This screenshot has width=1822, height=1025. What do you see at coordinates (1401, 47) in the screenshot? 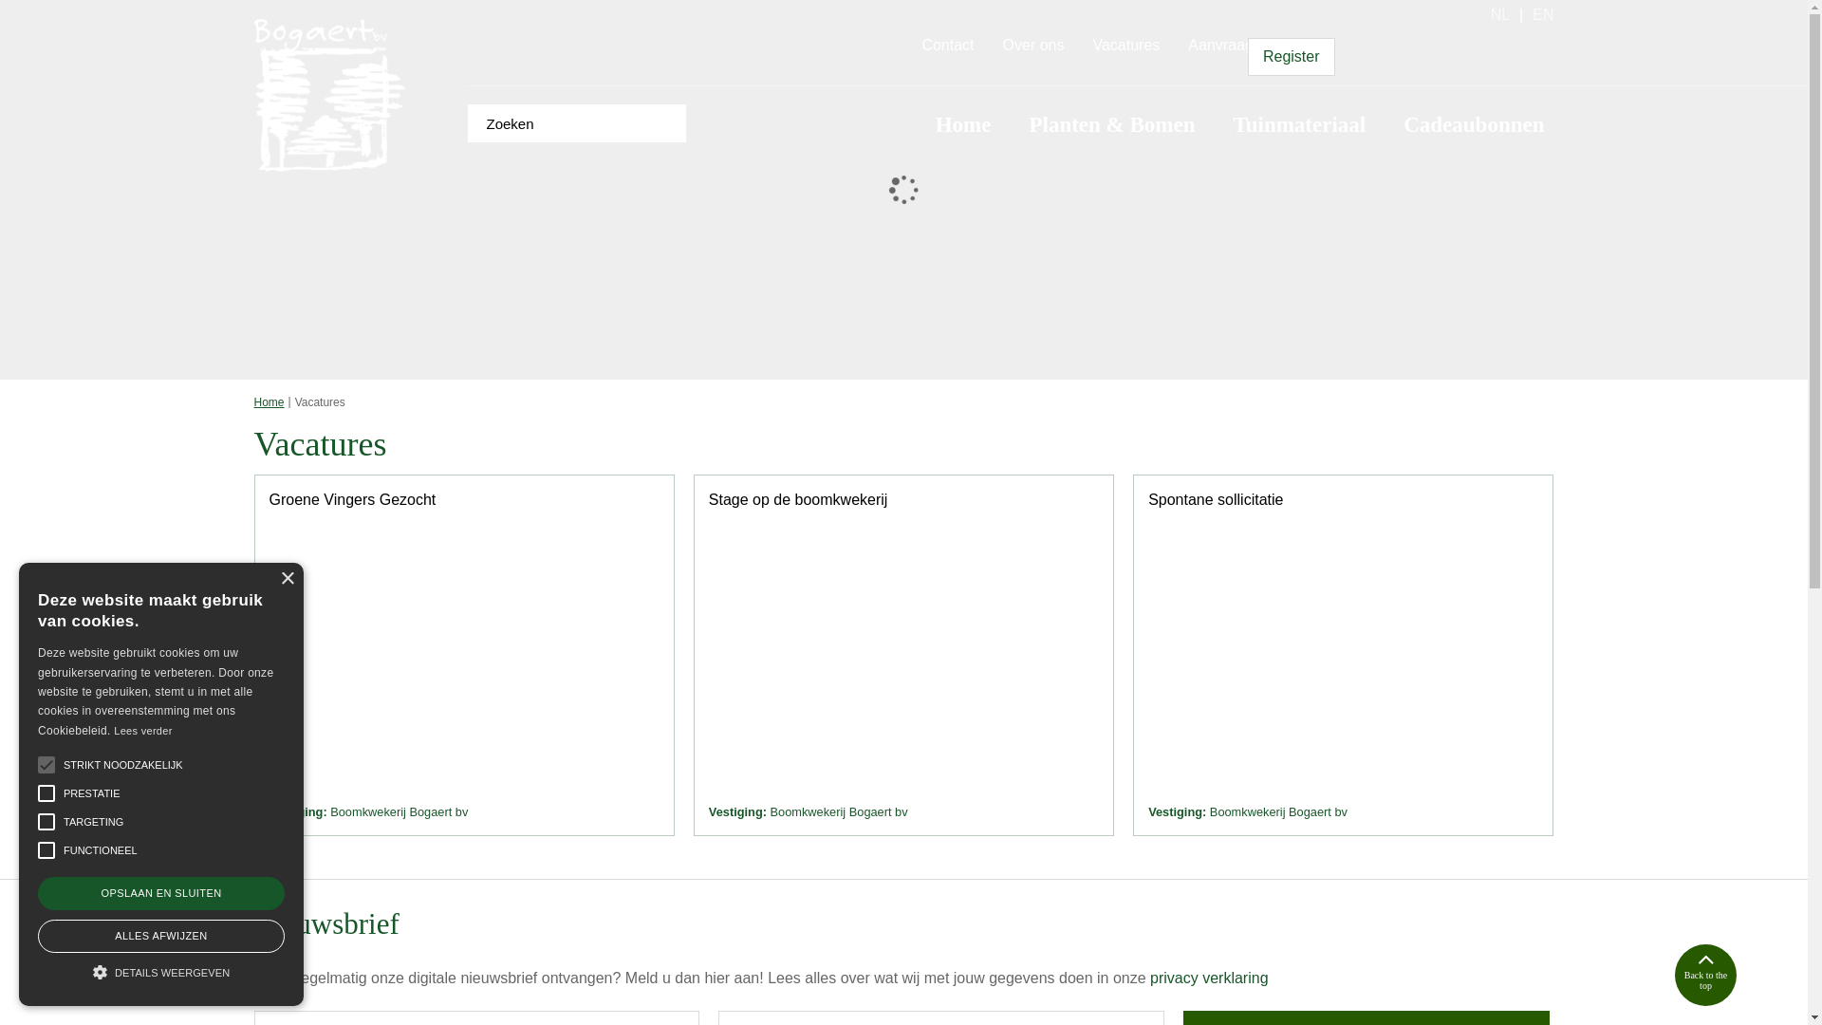
I see `'Ga naar je wensenlijst'` at bounding box center [1401, 47].